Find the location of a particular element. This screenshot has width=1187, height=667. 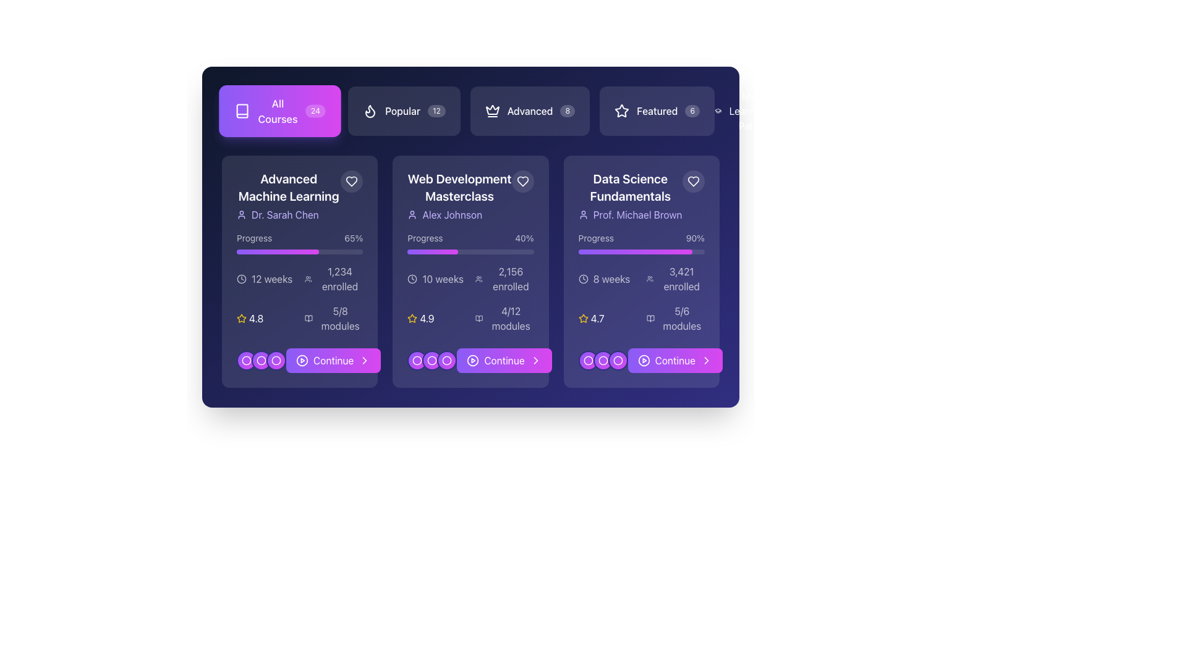

the rectangular button labeled 'Continue' with a gradient background transitioning from violet to fuchsia, located at the bottom center of the middle card in a grid layout, to proceed is located at coordinates (504, 360).